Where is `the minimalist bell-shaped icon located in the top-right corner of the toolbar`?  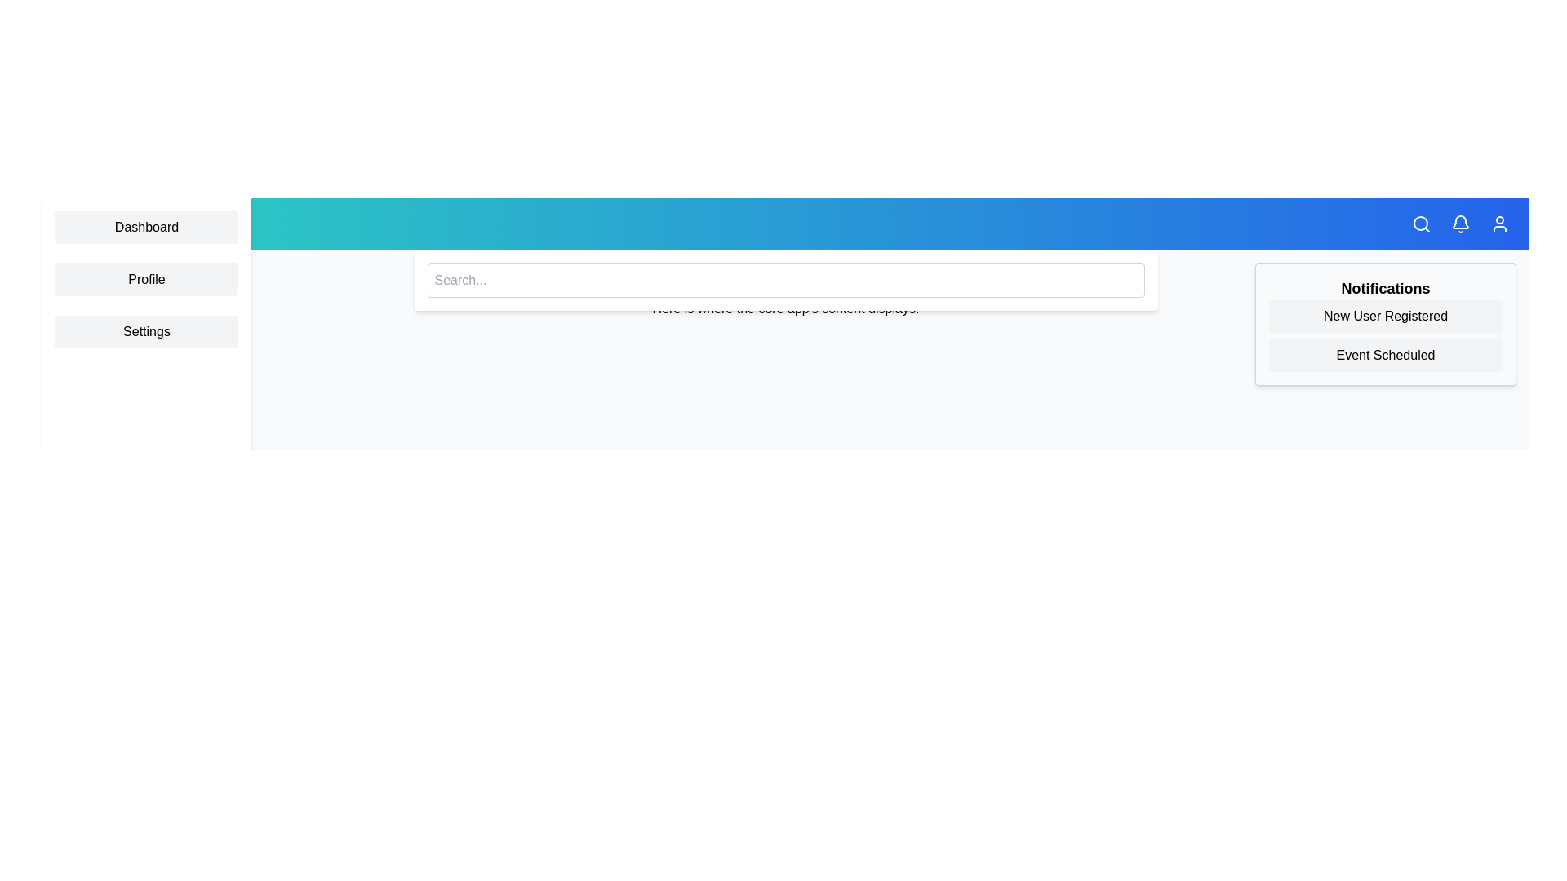 the minimalist bell-shaped icon located in the top-right corner of the toolbar is located at coordinates (1461, 222).